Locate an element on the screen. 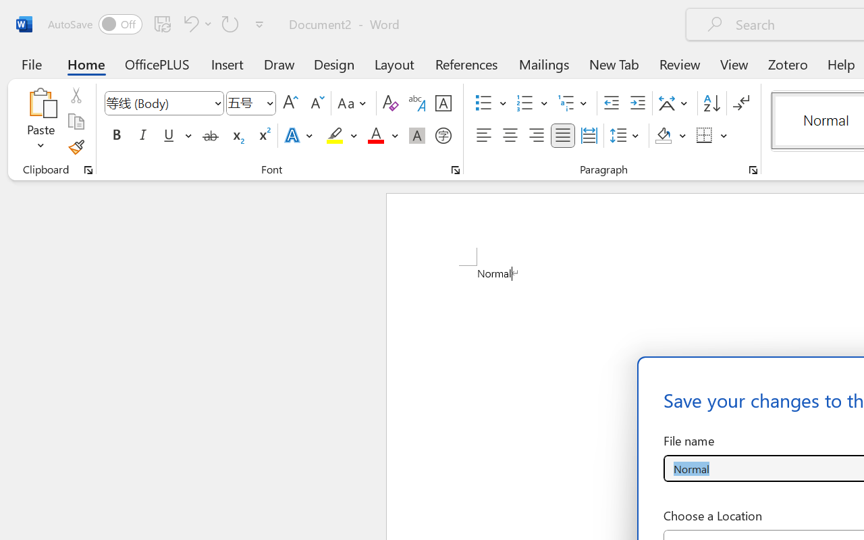 This screenshot has width=864, height=540. 'Justify' is located at coordinates (563, 136).